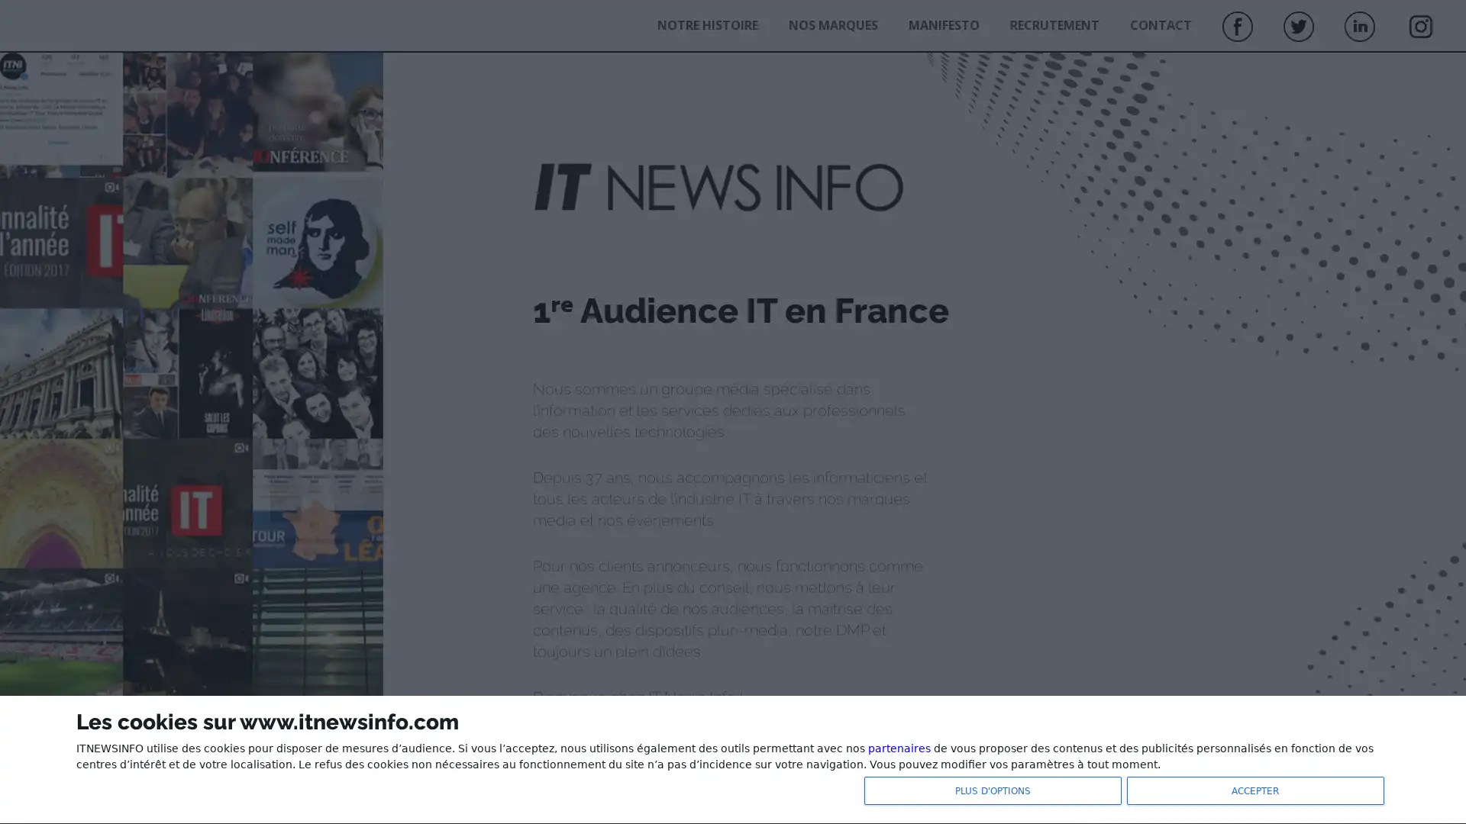 Image resolution: width=1466 pixels, height=824 pixels. Describe the element at coordinates (1252, 789) in the screenshot. I see `ACCEPTER` at that location.